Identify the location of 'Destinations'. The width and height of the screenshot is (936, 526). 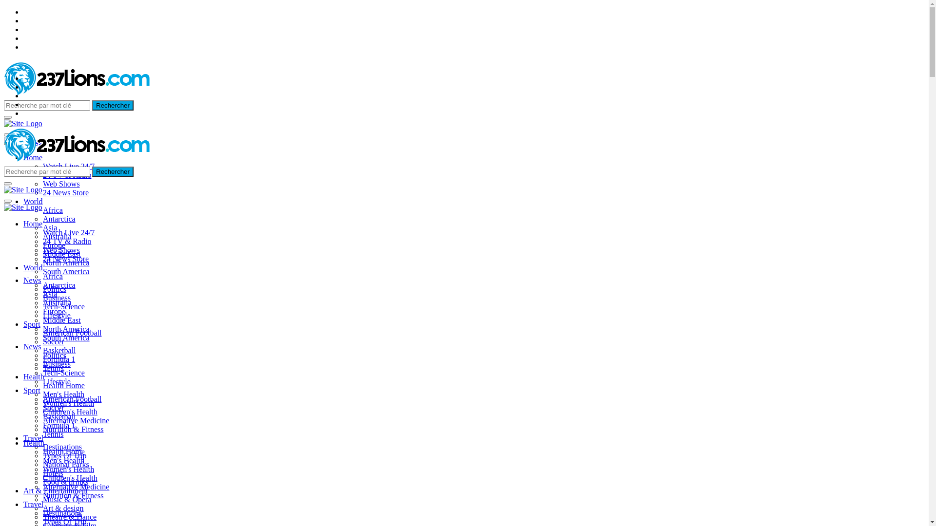
(62, 512).